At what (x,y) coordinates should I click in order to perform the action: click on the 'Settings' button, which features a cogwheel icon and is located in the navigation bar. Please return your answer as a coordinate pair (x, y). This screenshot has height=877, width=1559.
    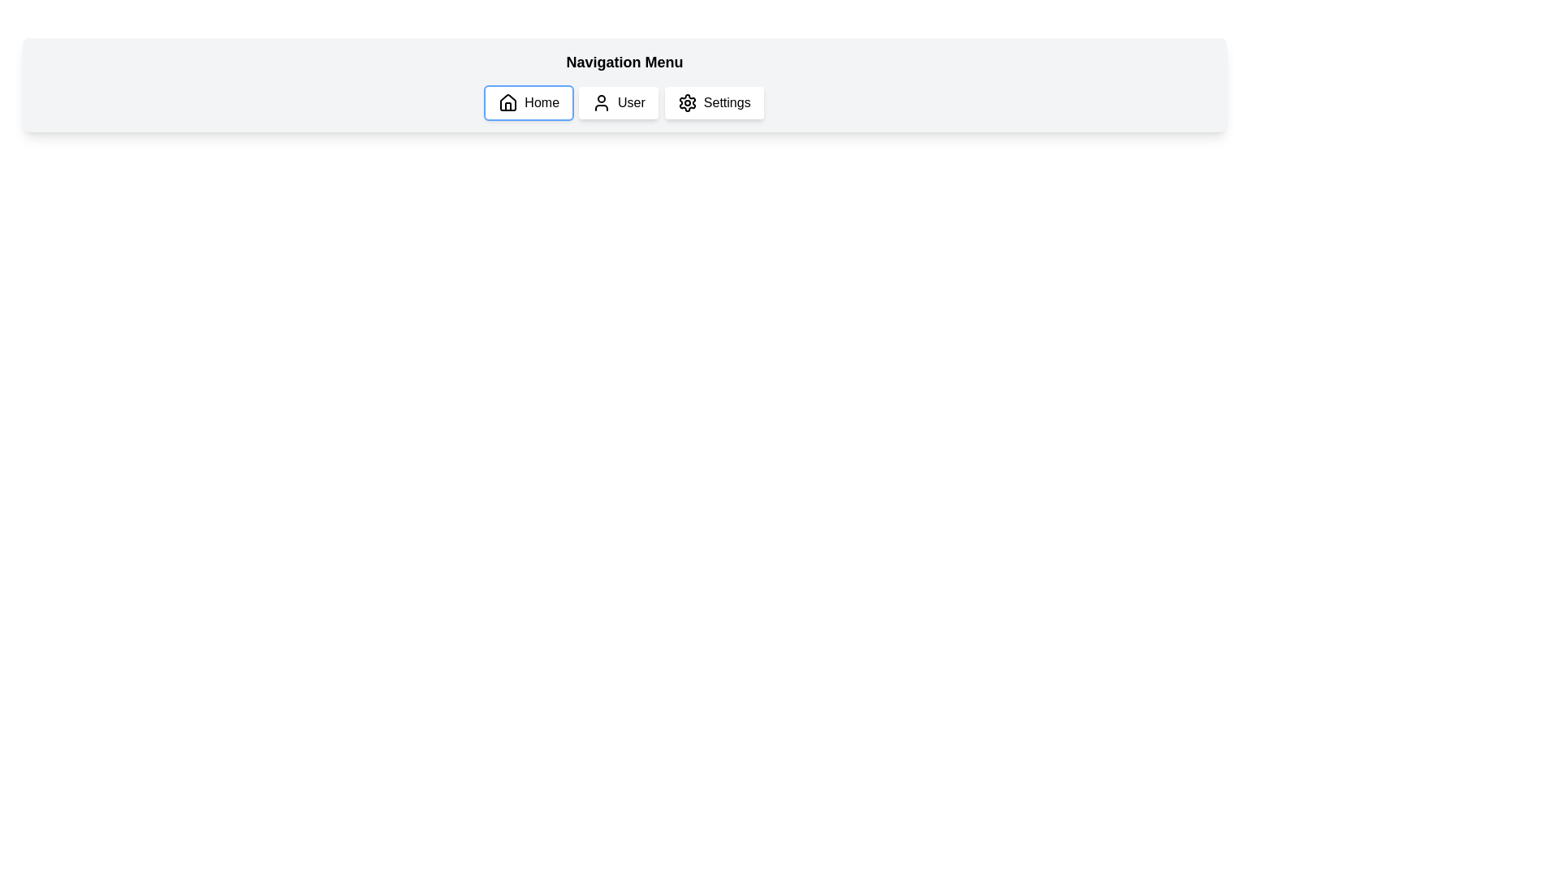
    Looking at the image, I should click on (687, 103).